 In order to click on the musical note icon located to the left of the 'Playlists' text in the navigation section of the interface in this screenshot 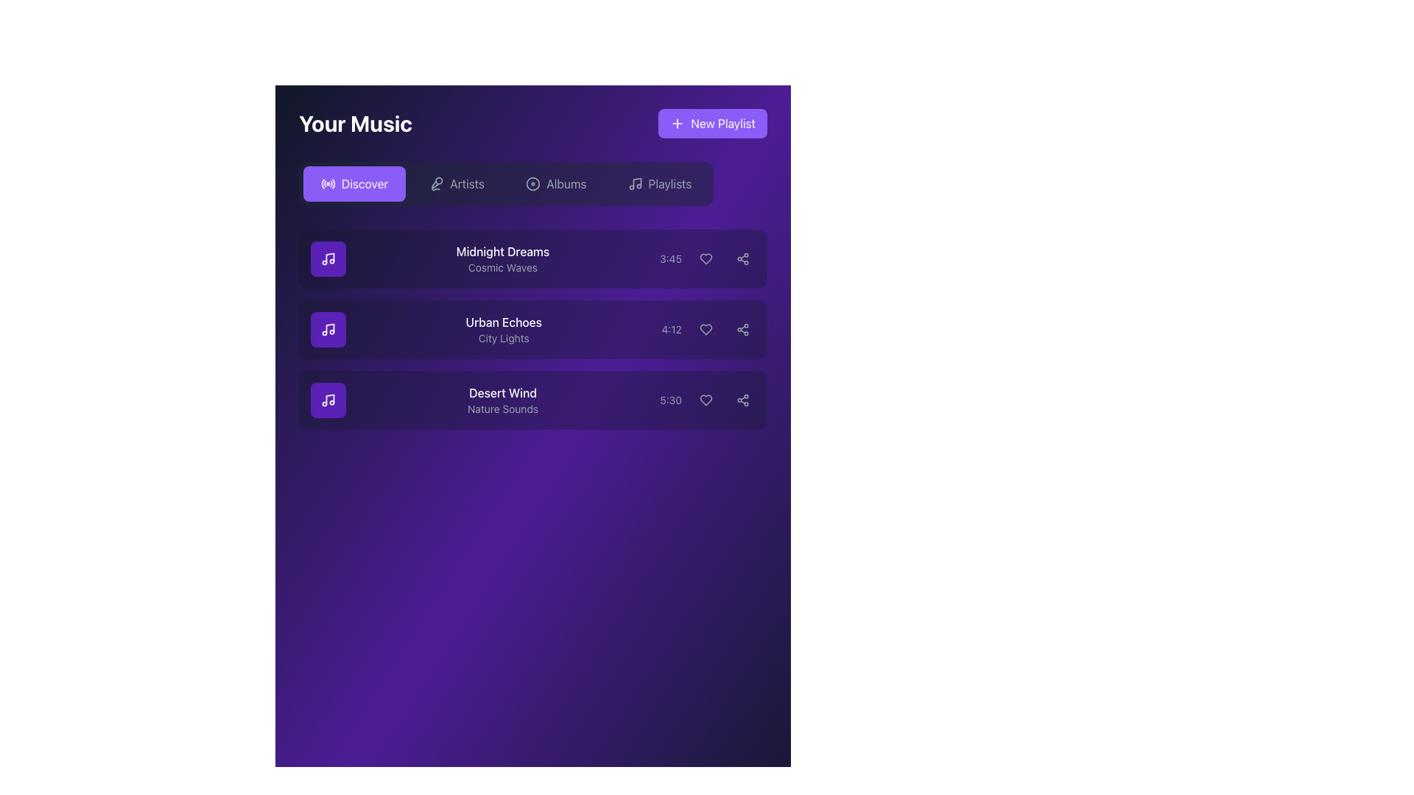, I will do `click(635, 183)`.